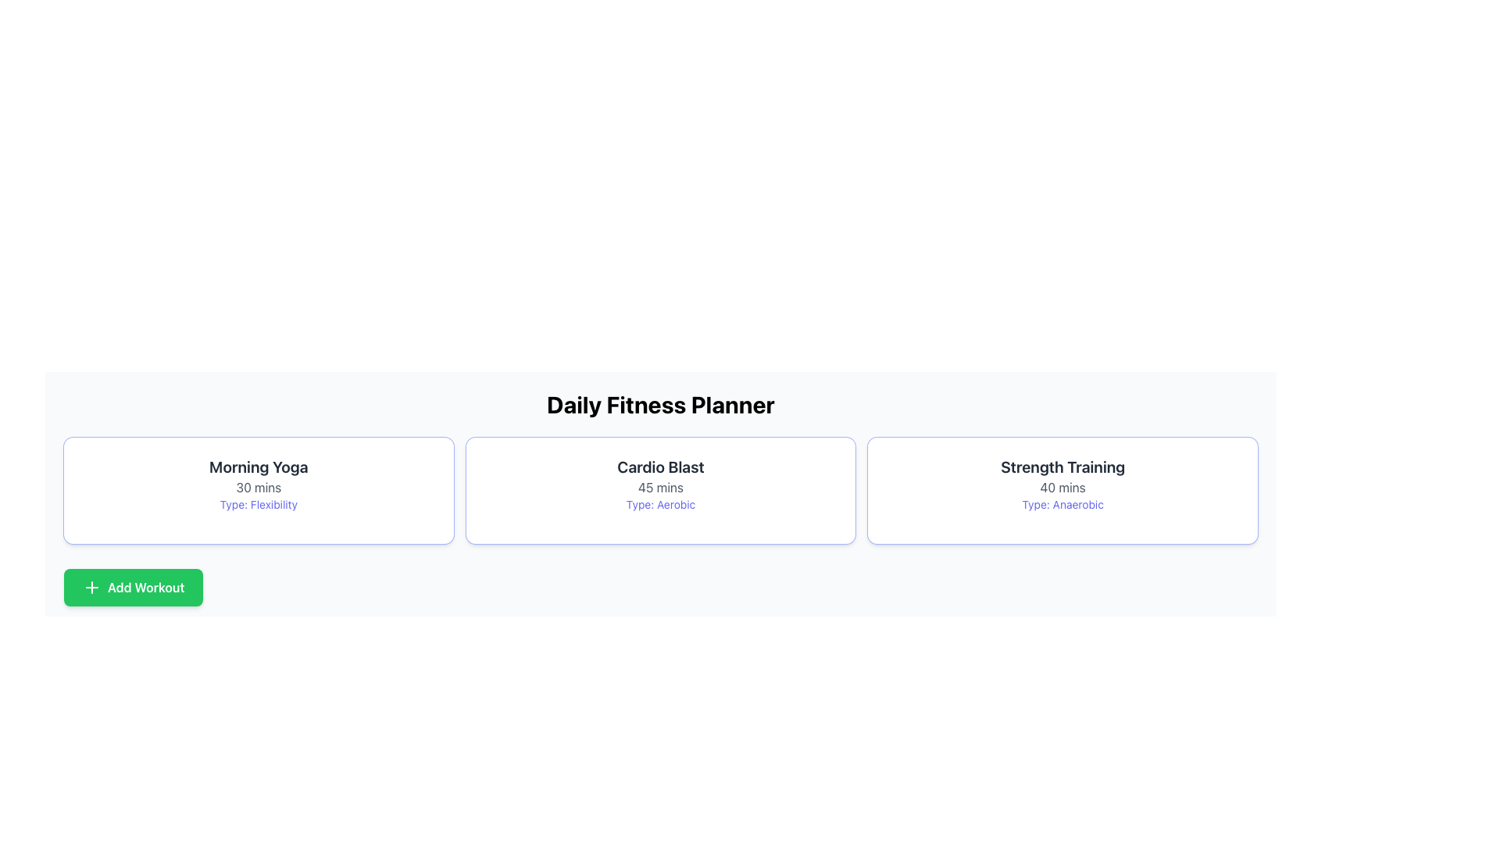  Describe the element at coordinates (660, 504) in the screenshot. I see `static text label that displays 'Type: Aerobic', located under '45 mins' in the 'Cardio Blast' workout information card` at that location.